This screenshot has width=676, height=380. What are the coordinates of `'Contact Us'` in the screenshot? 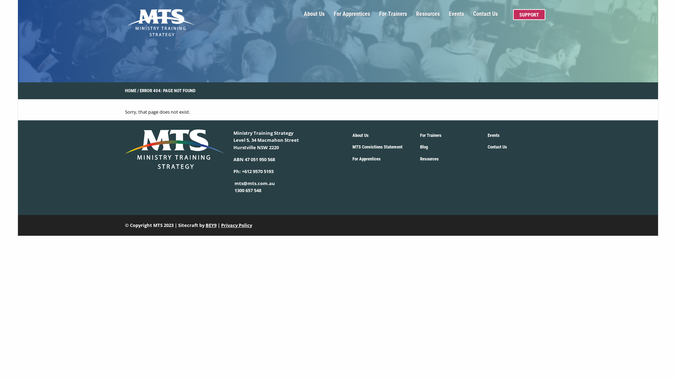 It's located at (487, 147).